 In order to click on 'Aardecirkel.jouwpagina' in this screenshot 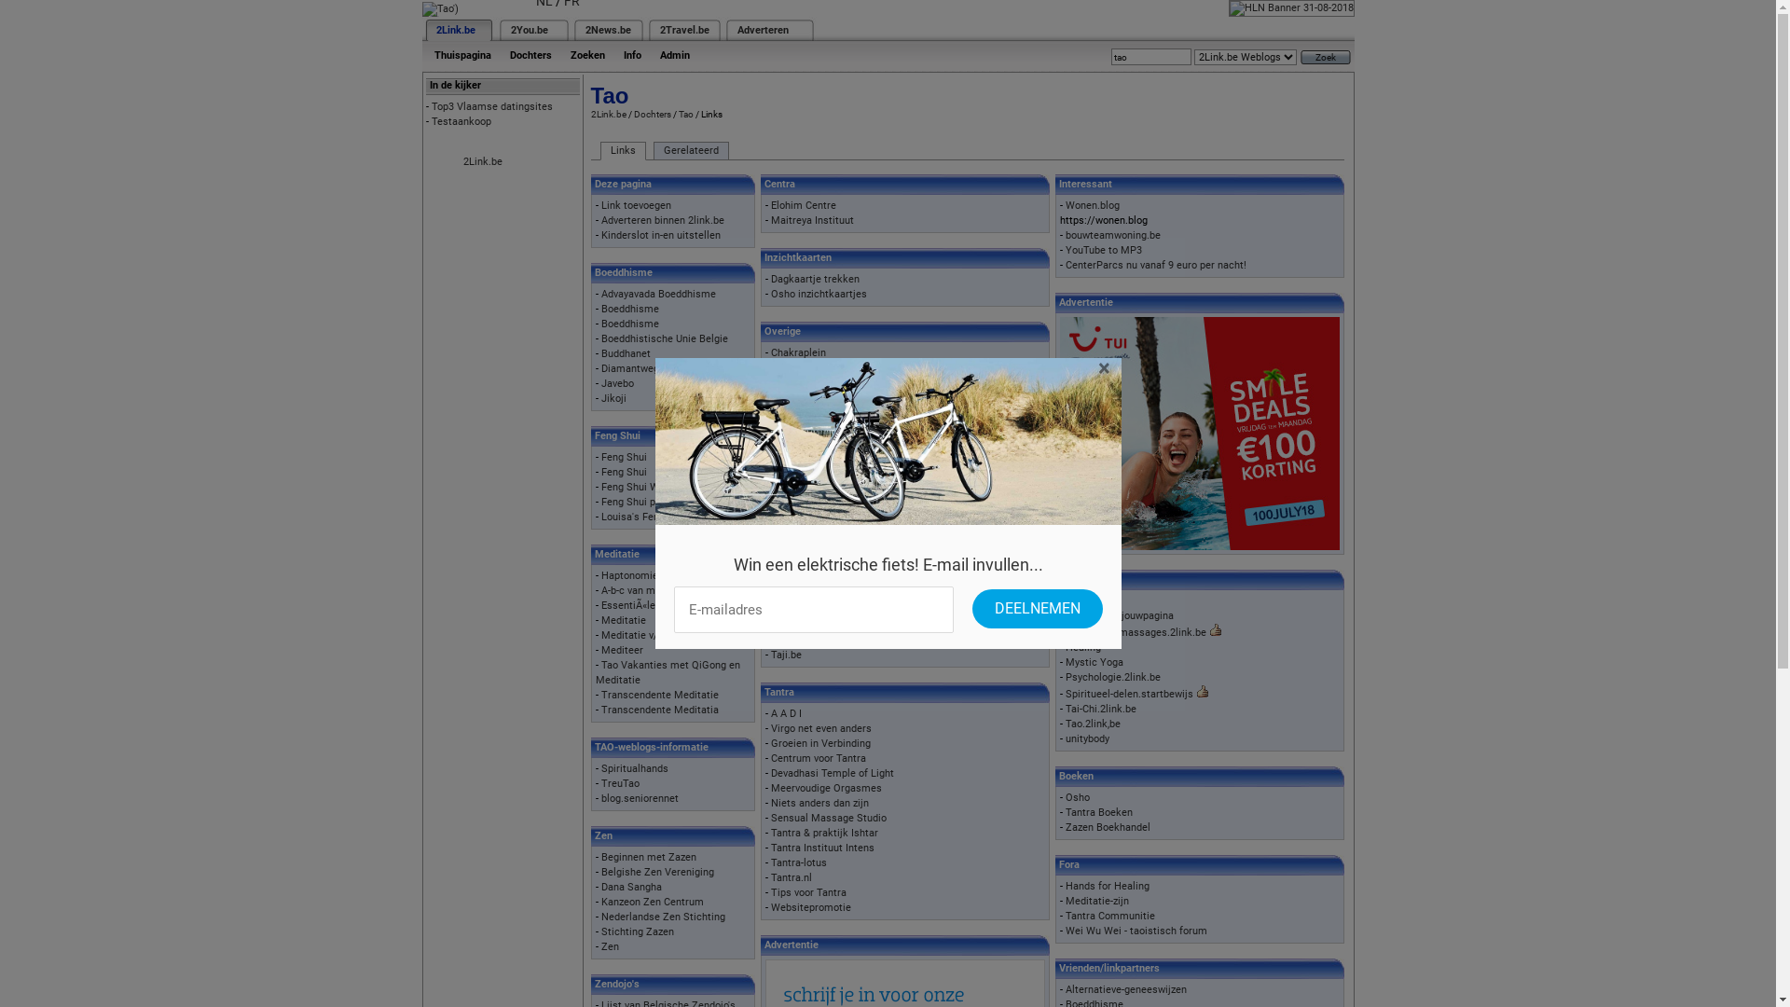, I will do `click(1119, 615)`.